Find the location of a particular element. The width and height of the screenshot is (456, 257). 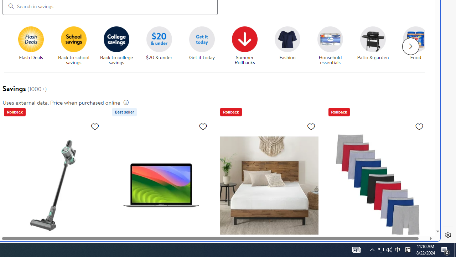

'Back to School savings Back to school savings' is located at coordinates (73, 46).